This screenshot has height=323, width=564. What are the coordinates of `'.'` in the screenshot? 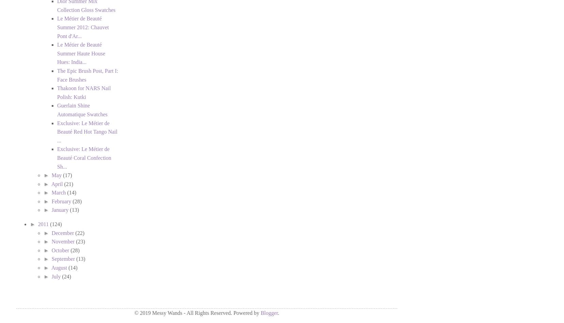 It's located at (278, 312).